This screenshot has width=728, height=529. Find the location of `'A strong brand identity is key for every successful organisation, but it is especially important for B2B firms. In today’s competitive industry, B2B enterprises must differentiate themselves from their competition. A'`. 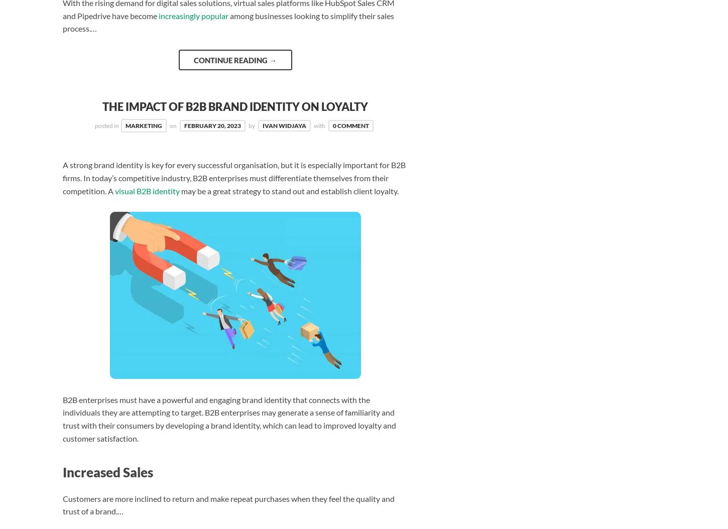

'A strong brand identity is key for every successful organisation, but it is especially important for B2B firms. In today’s competitive industry, B2B enterprises must differentiate themselves from their competition. A' is located at coordinates (62, 178).